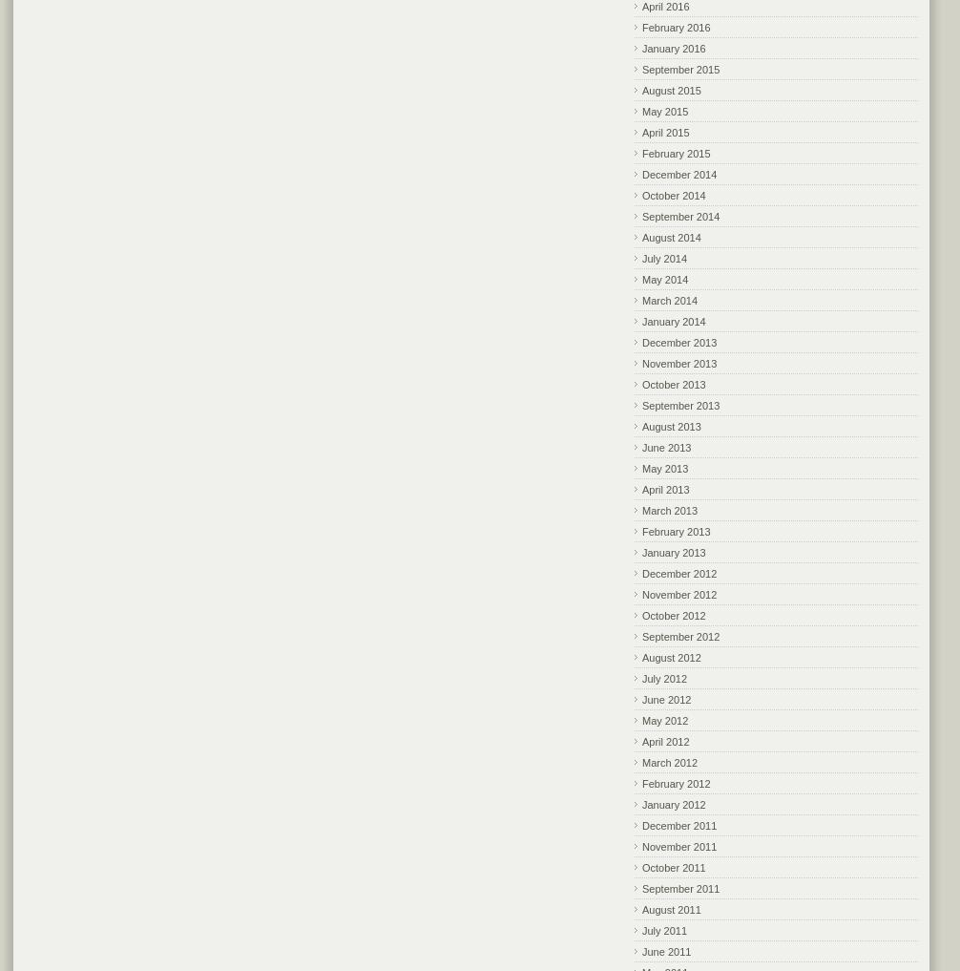 The height and width of the screenshot is (971, 960). Describe the element at coordinates (674, 614) in the screenshot. I see `'October 2012'` at that location.